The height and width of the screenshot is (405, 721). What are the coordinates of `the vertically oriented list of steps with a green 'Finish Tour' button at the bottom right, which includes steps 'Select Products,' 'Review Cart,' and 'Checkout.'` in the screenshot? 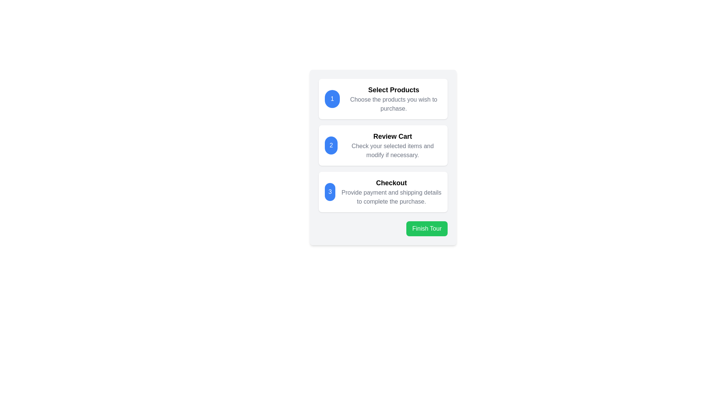 It's located at (383, 157).